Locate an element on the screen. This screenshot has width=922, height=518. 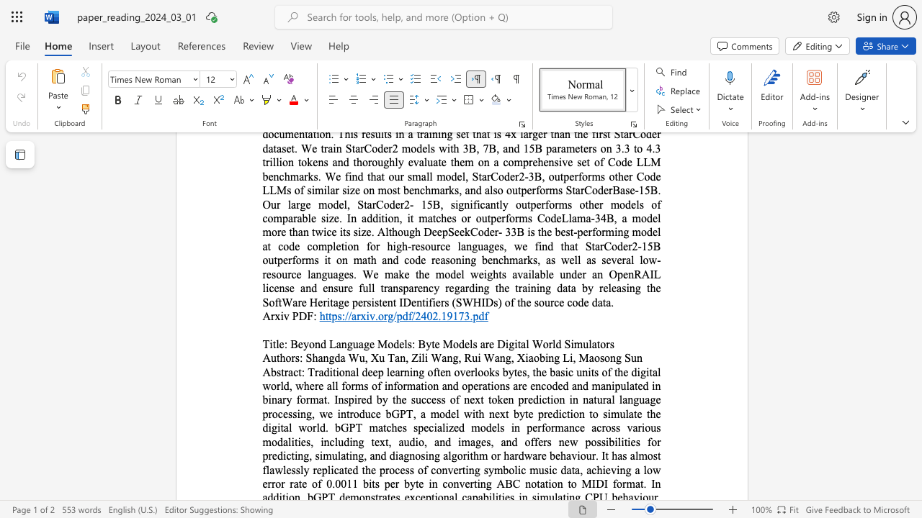
the subset text "ng" within the text "Maosong Sun" is located at coordinates (610, 357).